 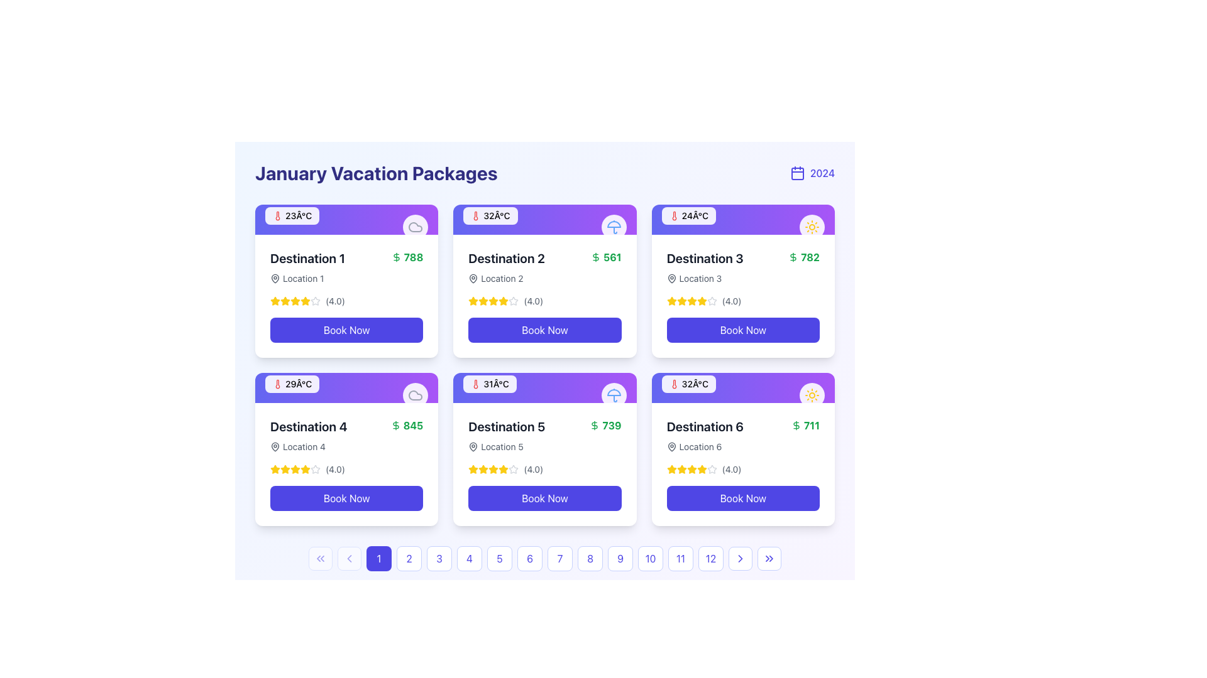 What do you see at coordinates (395, 425) in the screenshot?
I see `the SVG dollar sign icon located under the Destination 4 card in the second row of the vacation packages grid, which is positioned to the left of the bold numeric value '845'` at bounding box center [395, 425].